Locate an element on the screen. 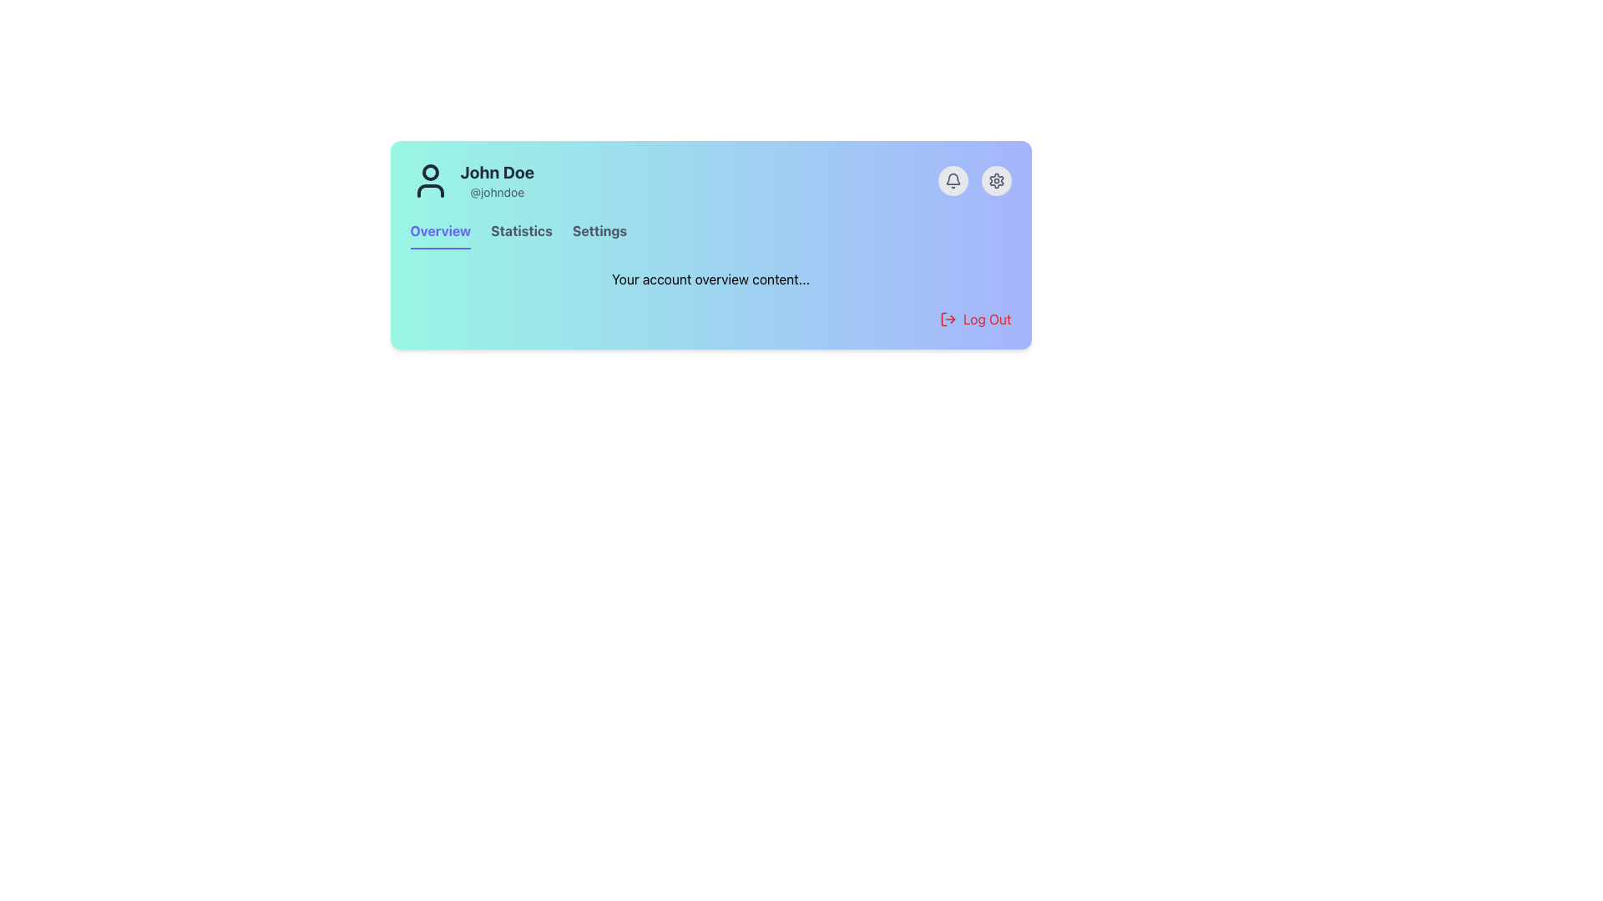  the gear icon located in the rightmost circular button of the control options in the top-right section of the settings panel is located at coordinates (996, 180).